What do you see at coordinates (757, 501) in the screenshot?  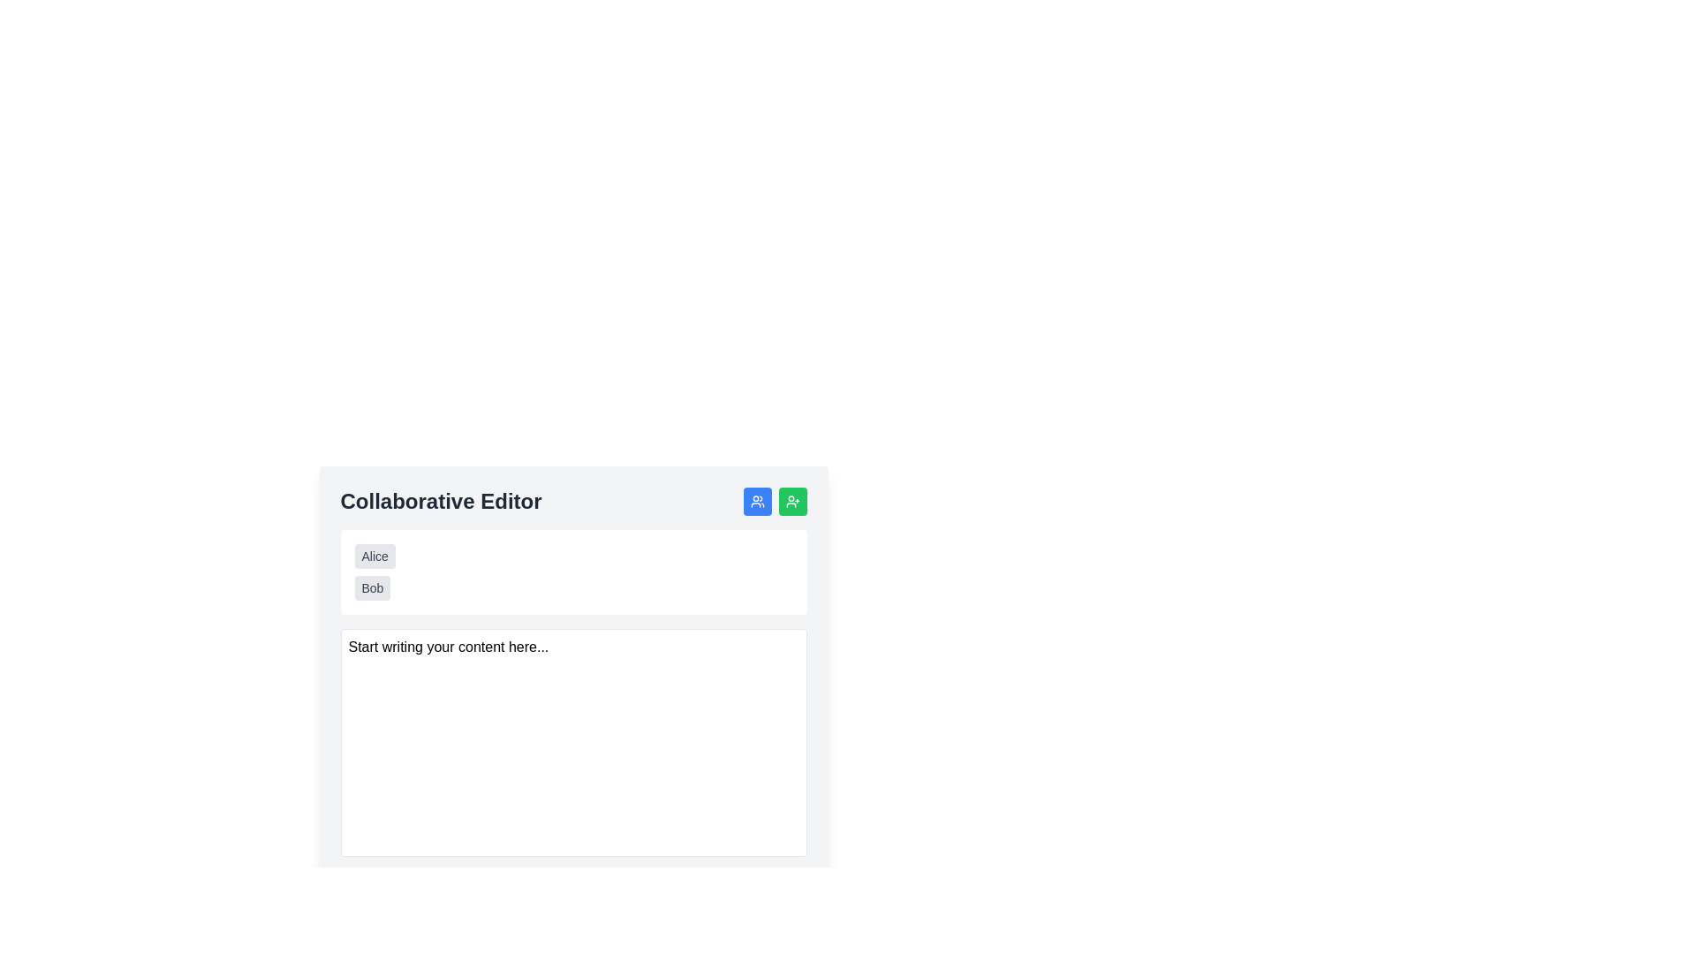 I see `the blue rectangular button with a white icon of multiple users, located in the upper right corner of the Collaborative Editor interface` at bounding box center [757, 501].